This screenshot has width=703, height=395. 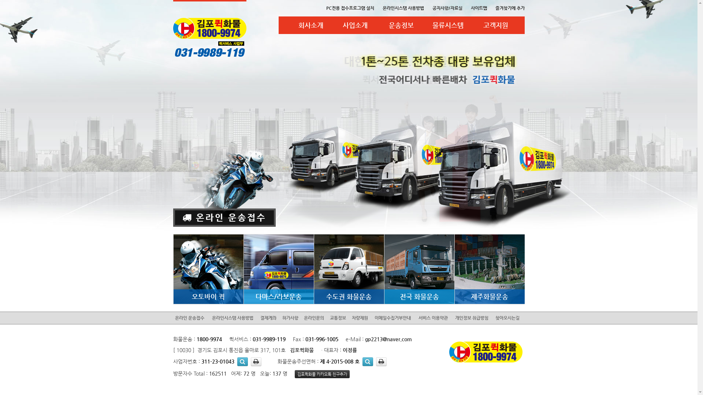 What do you see at coordinates (365, 339) in the screenshot?
I see `'gp2213@naver.com'` at bounding box center [365, 339].